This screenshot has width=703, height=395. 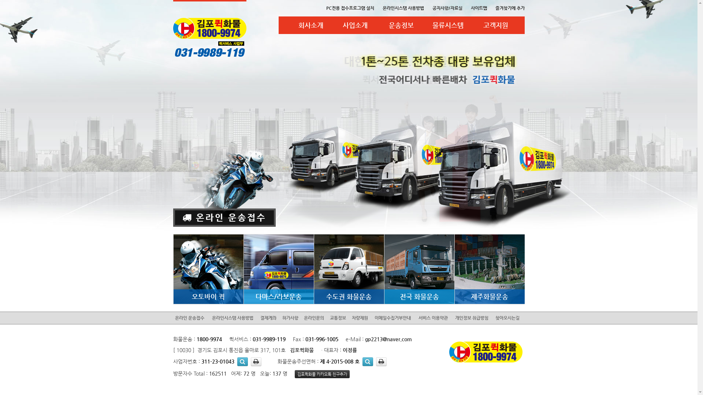 What do you see at coordinates (365, 339) in the screenshot?
I see `'gp2213@naver.com'` at bounding box center [365, 339].